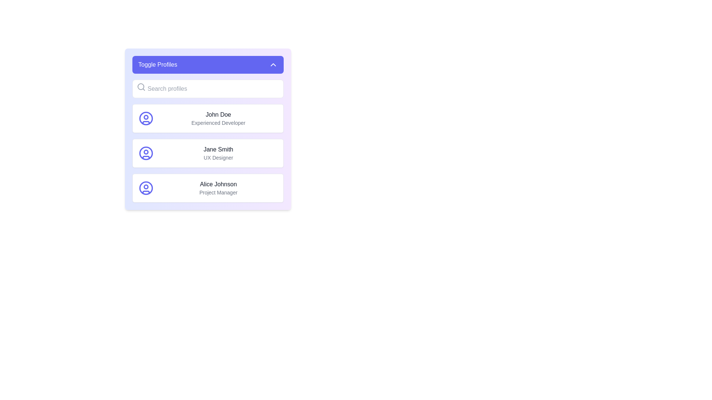 The width and height of the screenshot is (712, 400). I want to click on the chevron-up icon, which is located adjacent to the right edge of the 'Toggle Profiles' section in the header area, so click(273, 64).